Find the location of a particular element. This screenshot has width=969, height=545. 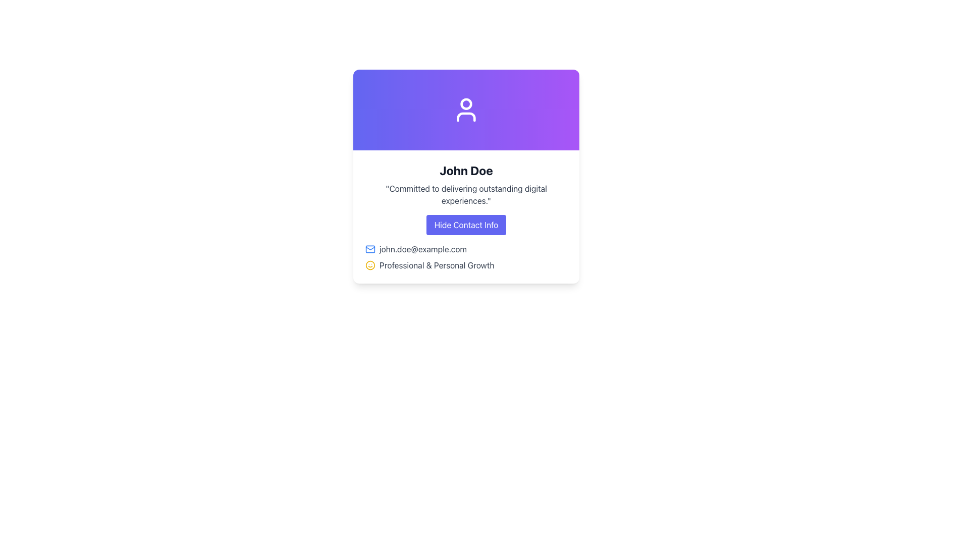

the blue mail envelope icon located to the immediate left of the email address 'john.doe@example.com' is located at coordinates (370, 249).